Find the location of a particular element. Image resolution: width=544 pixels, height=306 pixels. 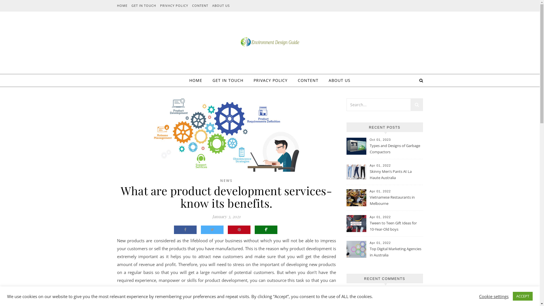

'CONTENT' is located at coordinates (200, 5).